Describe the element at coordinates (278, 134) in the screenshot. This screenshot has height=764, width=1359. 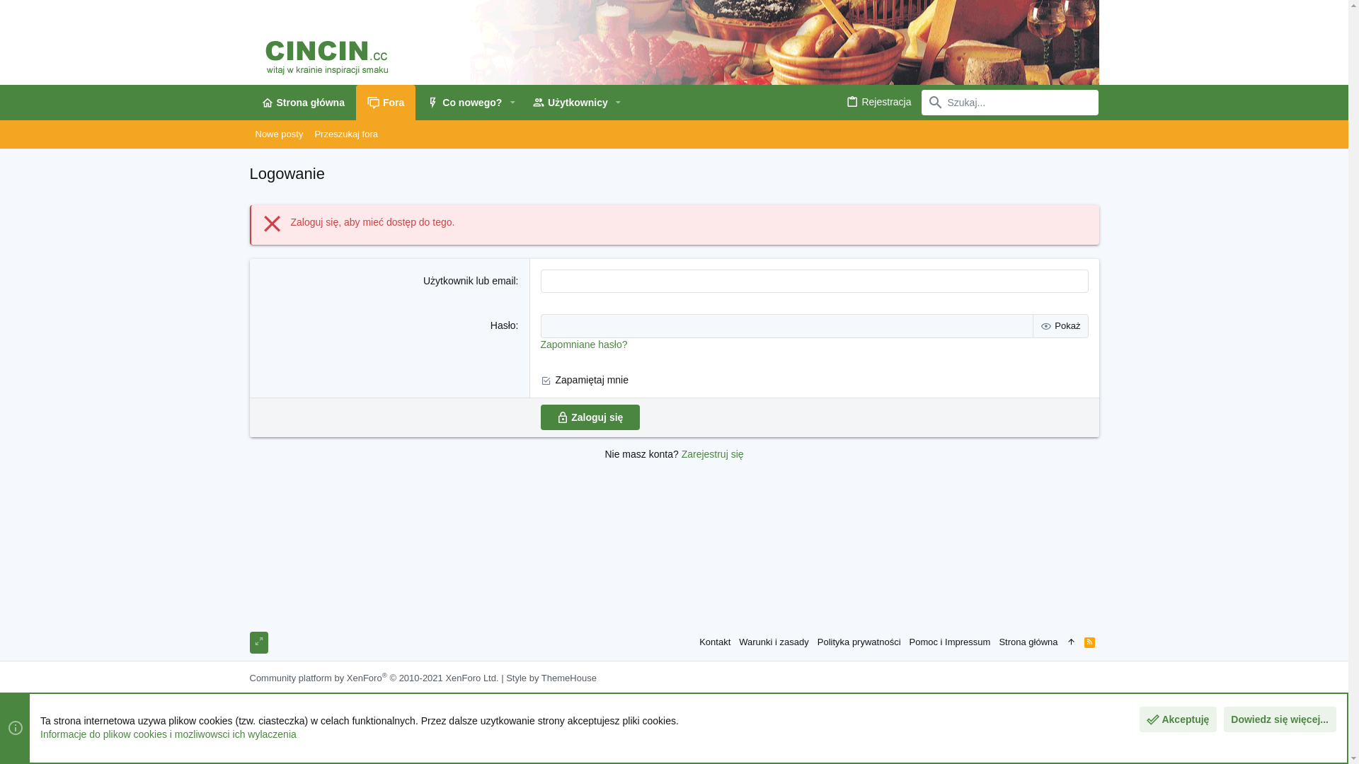
I see `'Nowe posty'` at that location.